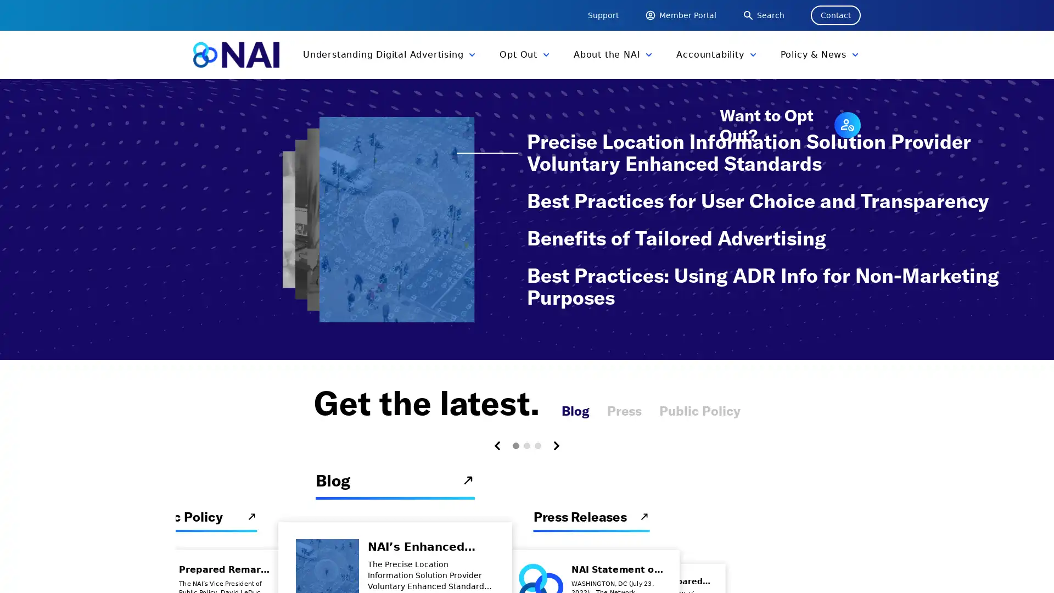  I want to click on Carousel Page 3, so click(537, 446).